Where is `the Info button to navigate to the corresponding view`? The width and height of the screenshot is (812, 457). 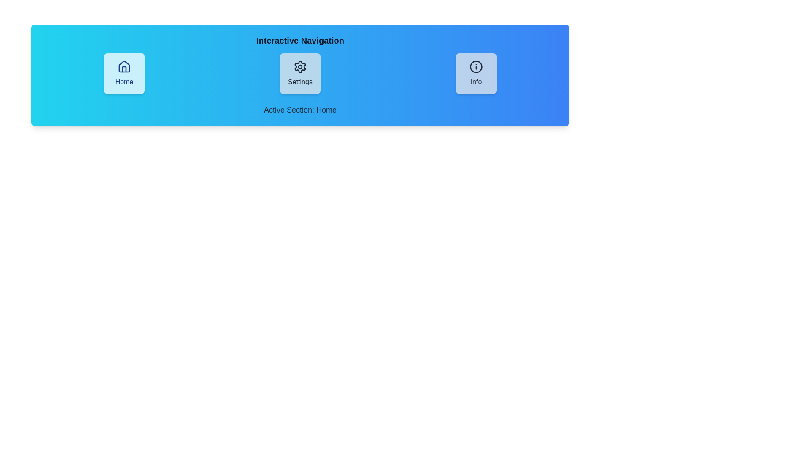 the Info button to navigate to the corresponding view is located at coordinates (476, 73).